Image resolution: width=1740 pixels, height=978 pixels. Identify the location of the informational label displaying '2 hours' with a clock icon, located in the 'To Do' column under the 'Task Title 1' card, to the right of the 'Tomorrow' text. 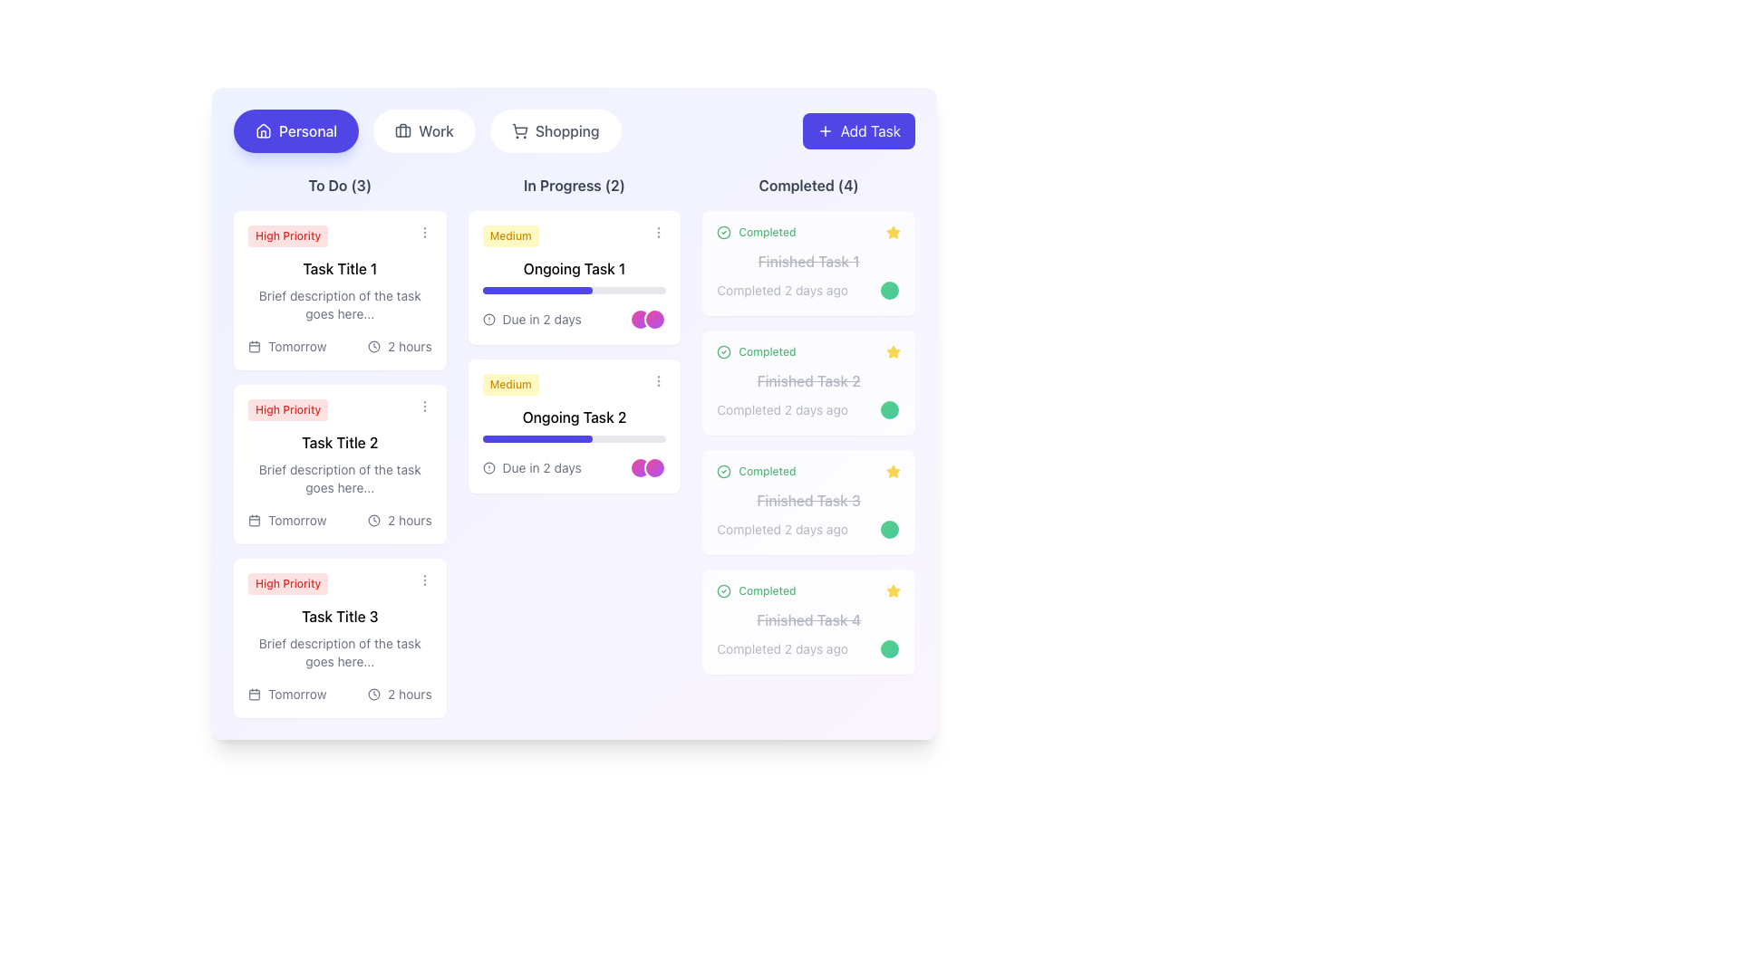
(399, 346).